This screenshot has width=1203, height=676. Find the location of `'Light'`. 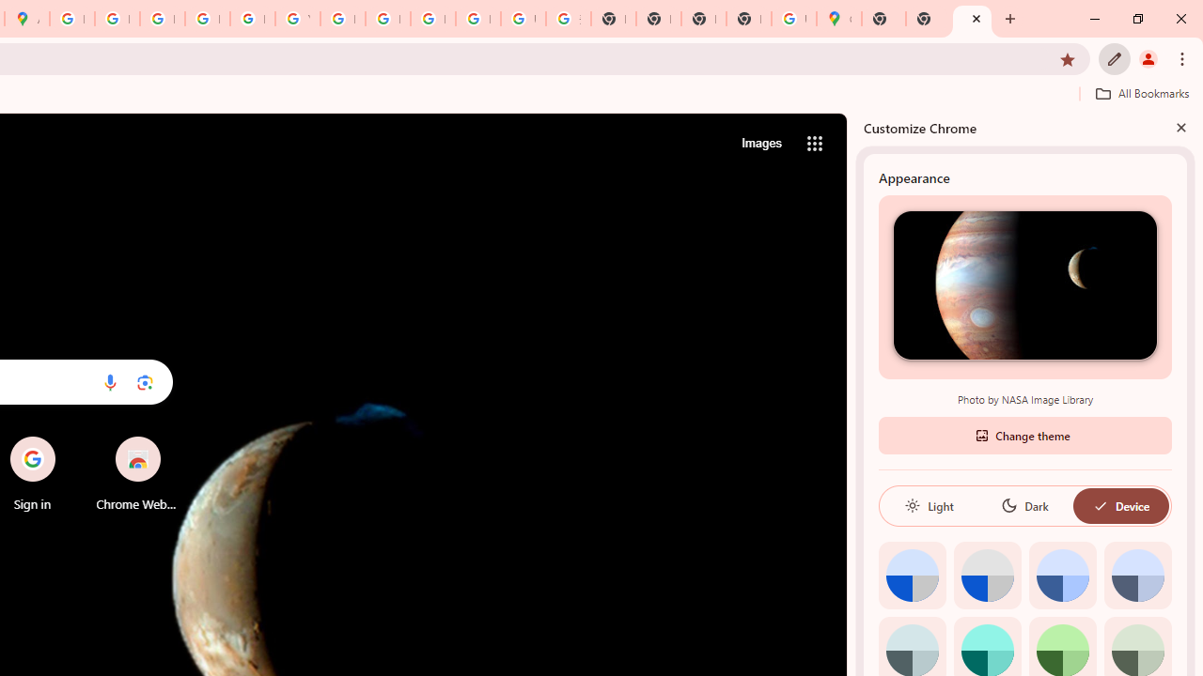

'Light' is located at coordinates (929, 504).